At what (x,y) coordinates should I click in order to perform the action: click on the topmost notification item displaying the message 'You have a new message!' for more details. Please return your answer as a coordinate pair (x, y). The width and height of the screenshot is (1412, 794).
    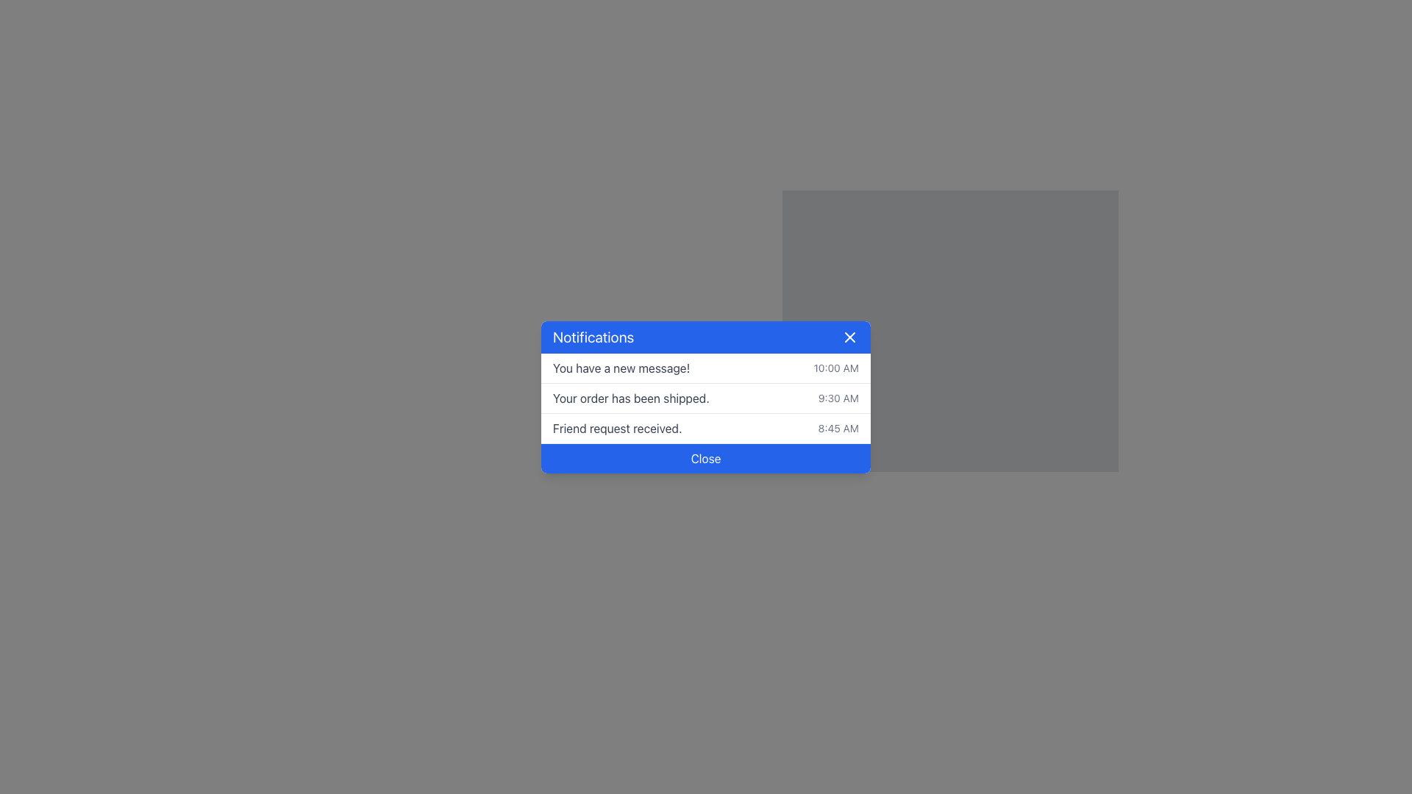
    Looking at the image, I should click on (706, 368).